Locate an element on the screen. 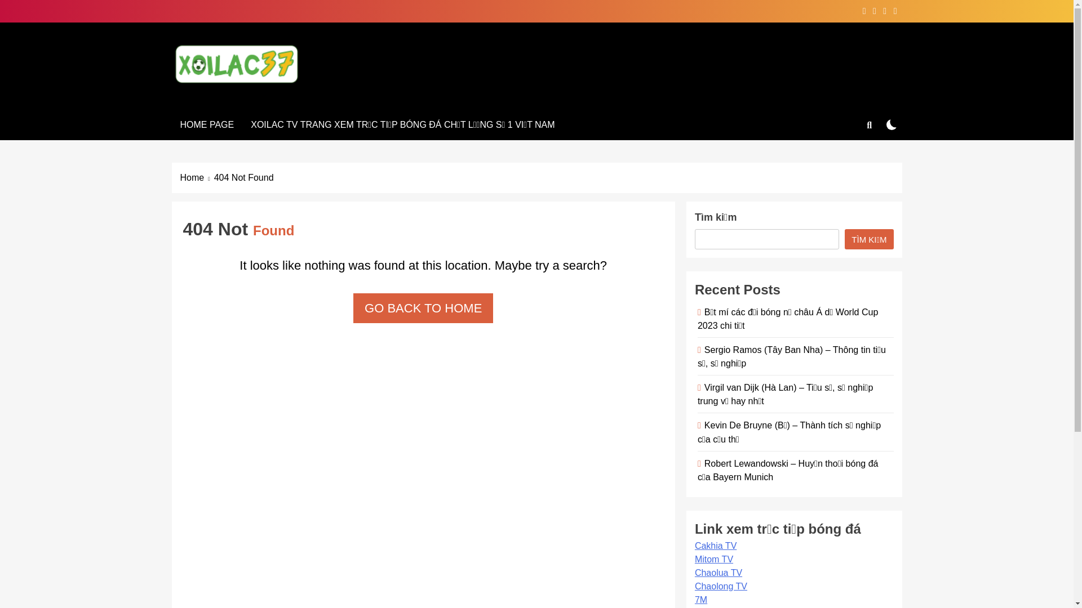 This screenshot has height=608, width=1082. 'HOME PAGE' is located at coordinates (206, 125).